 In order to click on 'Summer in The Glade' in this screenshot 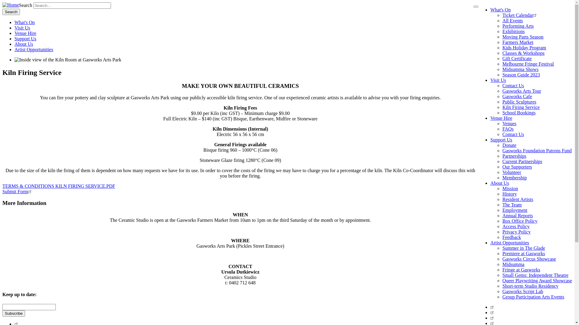, I will do `click(523, 248)`.